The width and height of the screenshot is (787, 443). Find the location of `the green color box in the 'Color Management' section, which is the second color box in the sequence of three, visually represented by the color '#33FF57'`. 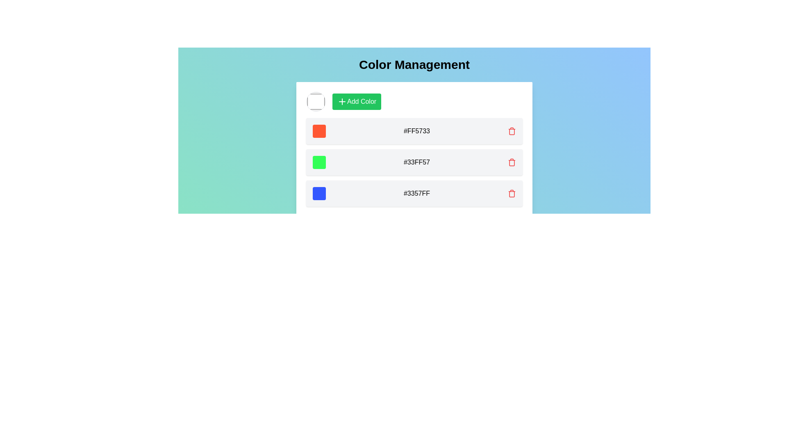

the green color box in the 'Color Management' section, which is the second color box in the sequence of three, visually represented by the color '#33FF57' is located at coordinates (318, 162).